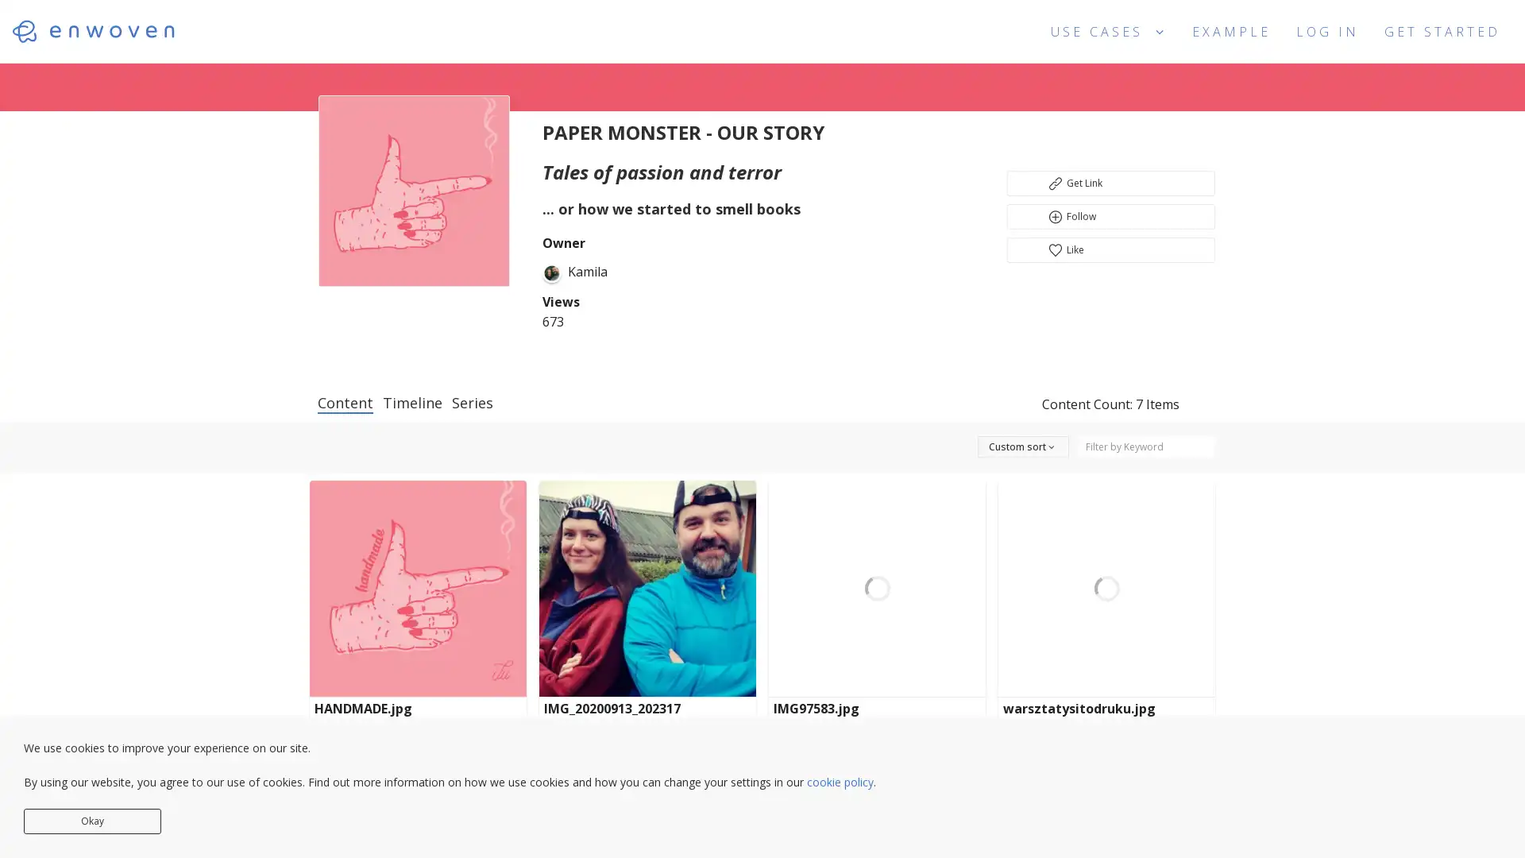  Describe the element at coordinates (472, 400) in the screenshot. I see `Series` at that location.